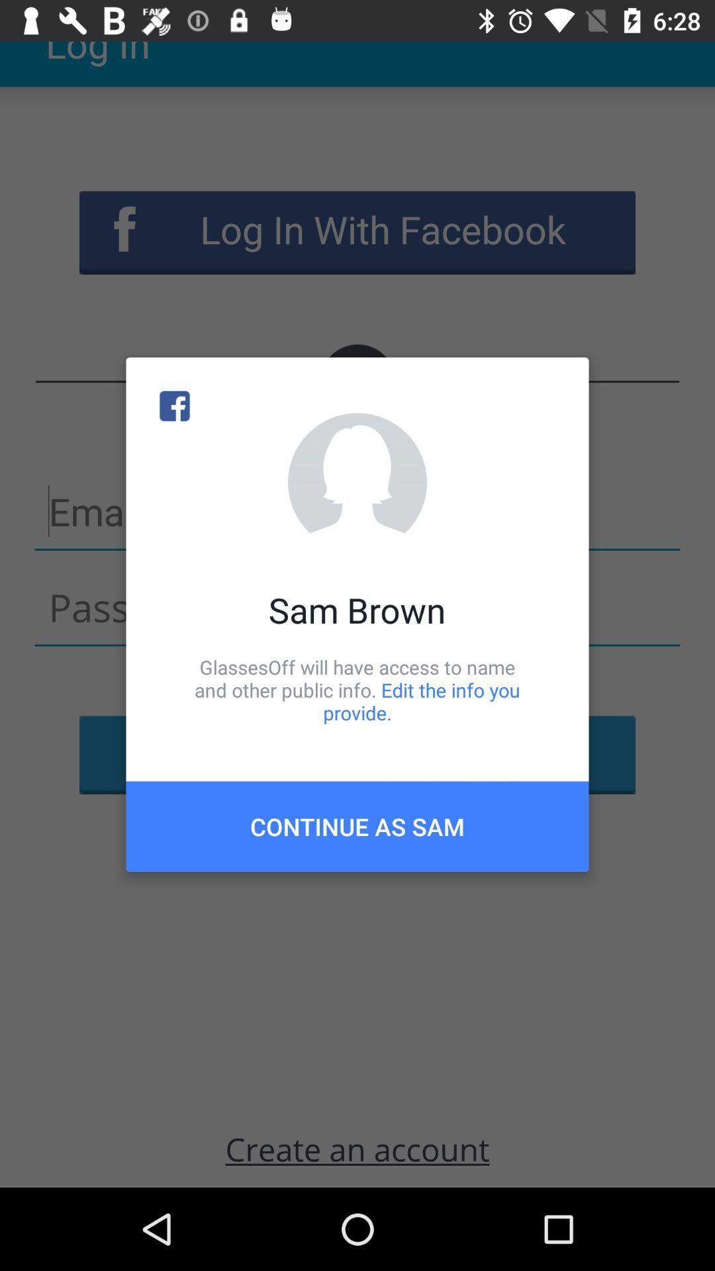  I want to click on the item below the sam brown, so click(358, 689).